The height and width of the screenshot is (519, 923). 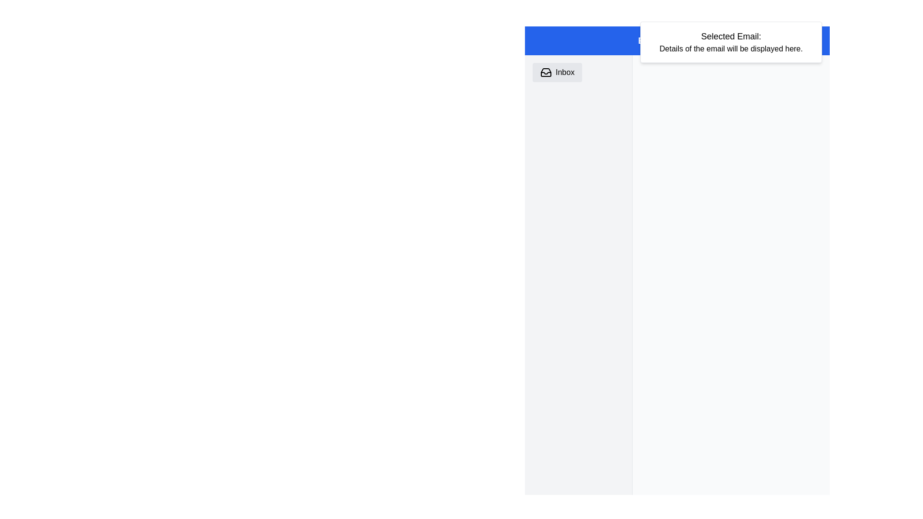 What do you see at coordinates (546, 72) in the screenshot?
I see `the arrow indicator within the SVG icon associated with the 'Inbox' label located near the top left of the interface` at bounding box center [546, 72].